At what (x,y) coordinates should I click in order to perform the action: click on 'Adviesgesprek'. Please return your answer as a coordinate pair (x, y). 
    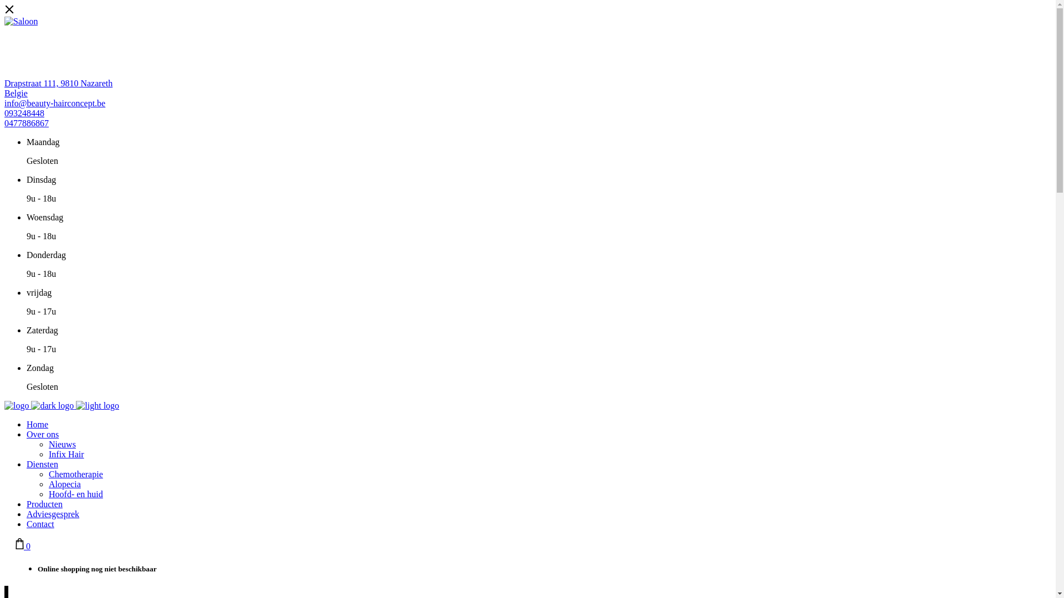
    Looking at the image, I should click on (27, 514).